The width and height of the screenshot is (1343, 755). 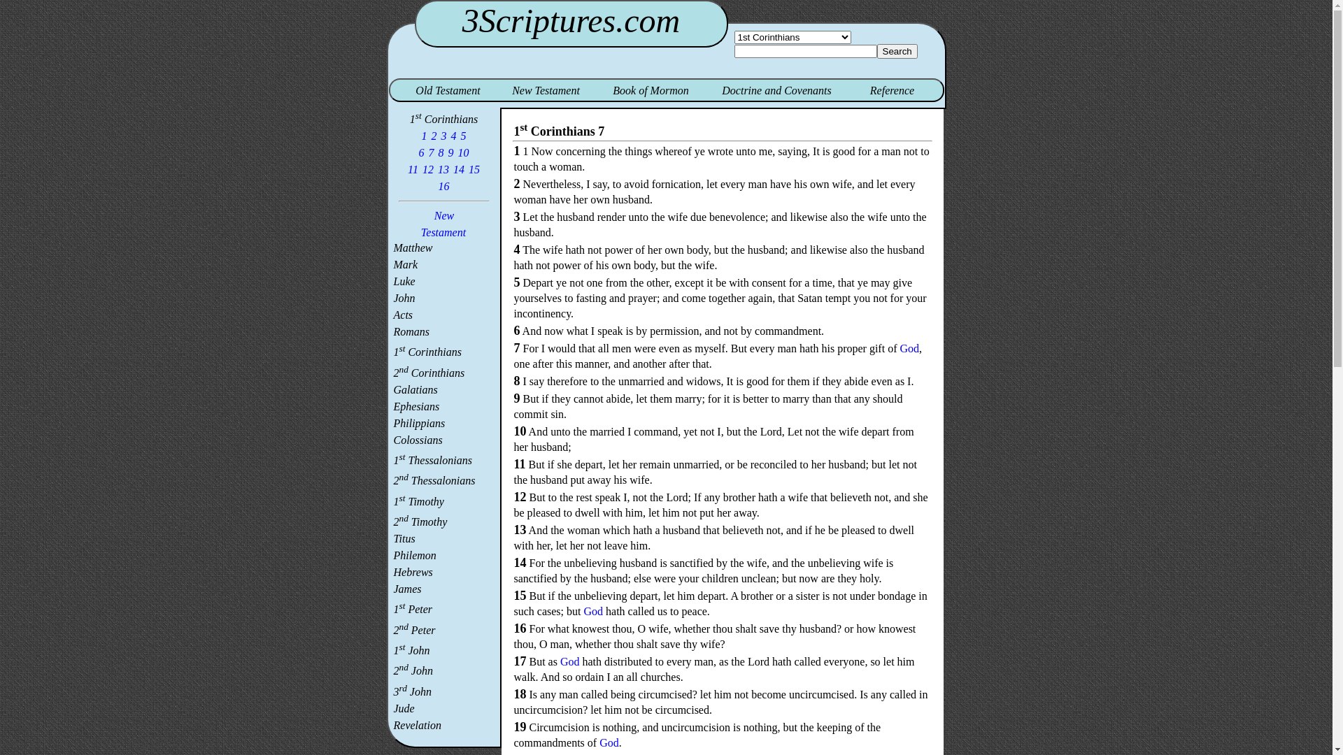 I want to click on '13', so click(x=442, y=168).